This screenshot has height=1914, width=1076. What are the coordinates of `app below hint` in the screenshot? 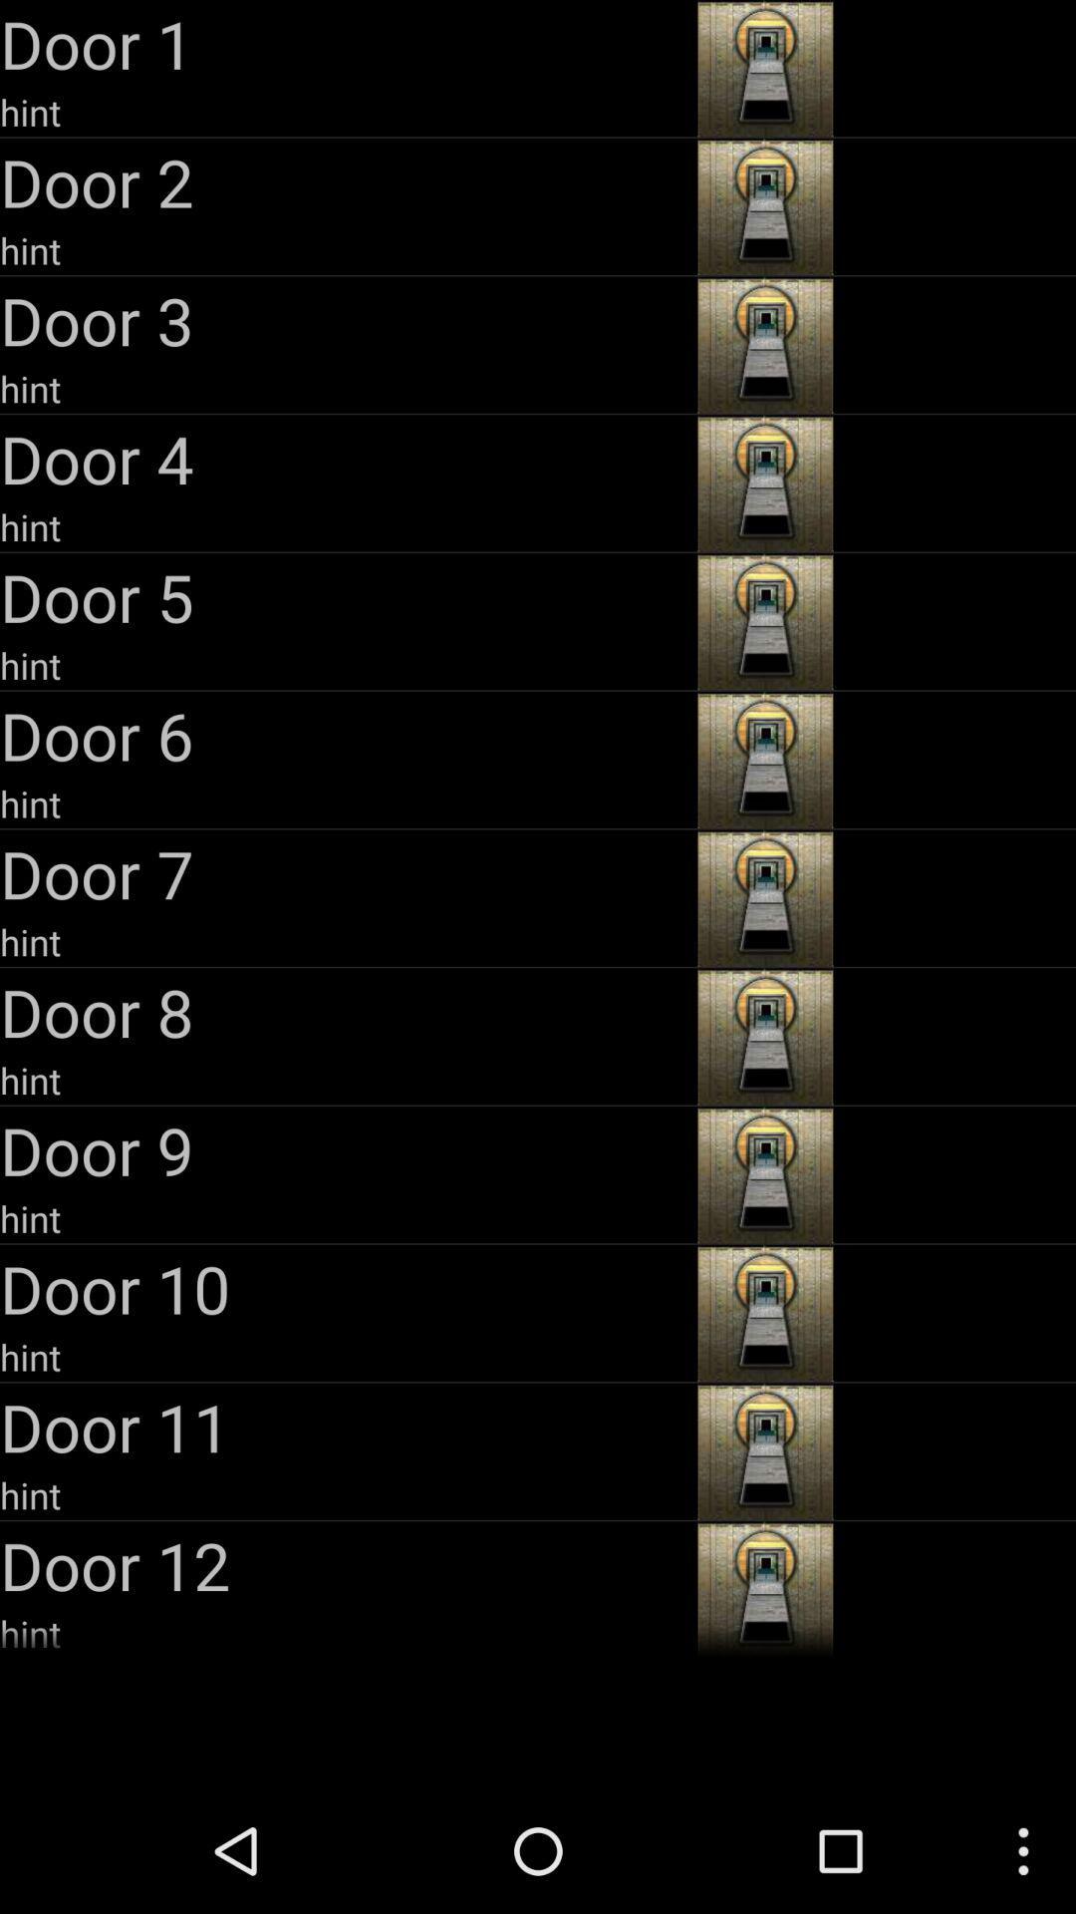 It's located at (345, 595).